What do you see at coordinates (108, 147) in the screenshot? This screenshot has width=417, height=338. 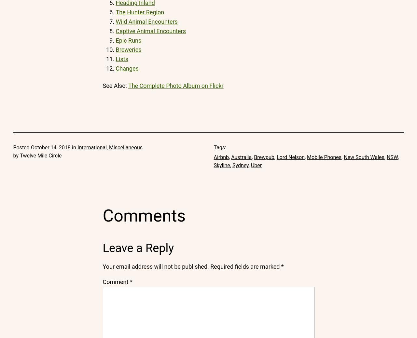 I see `'Miscellaneous'` at bounding box center [108, 147].